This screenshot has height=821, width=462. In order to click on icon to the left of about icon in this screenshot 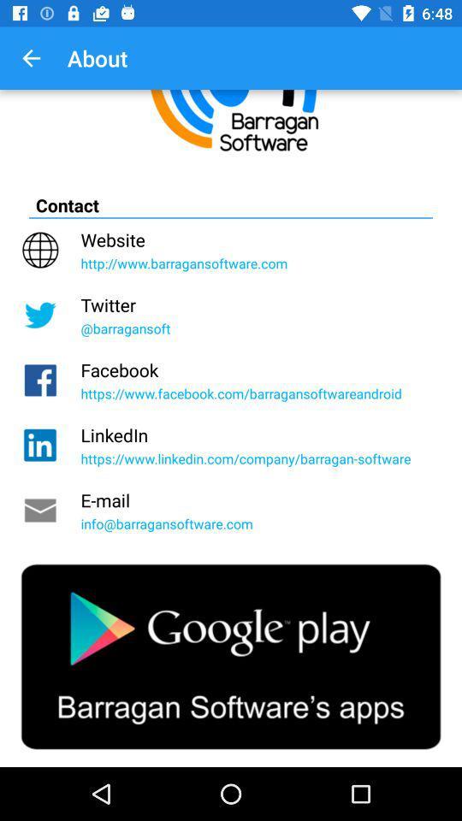, I will do `click(31, 58)`.